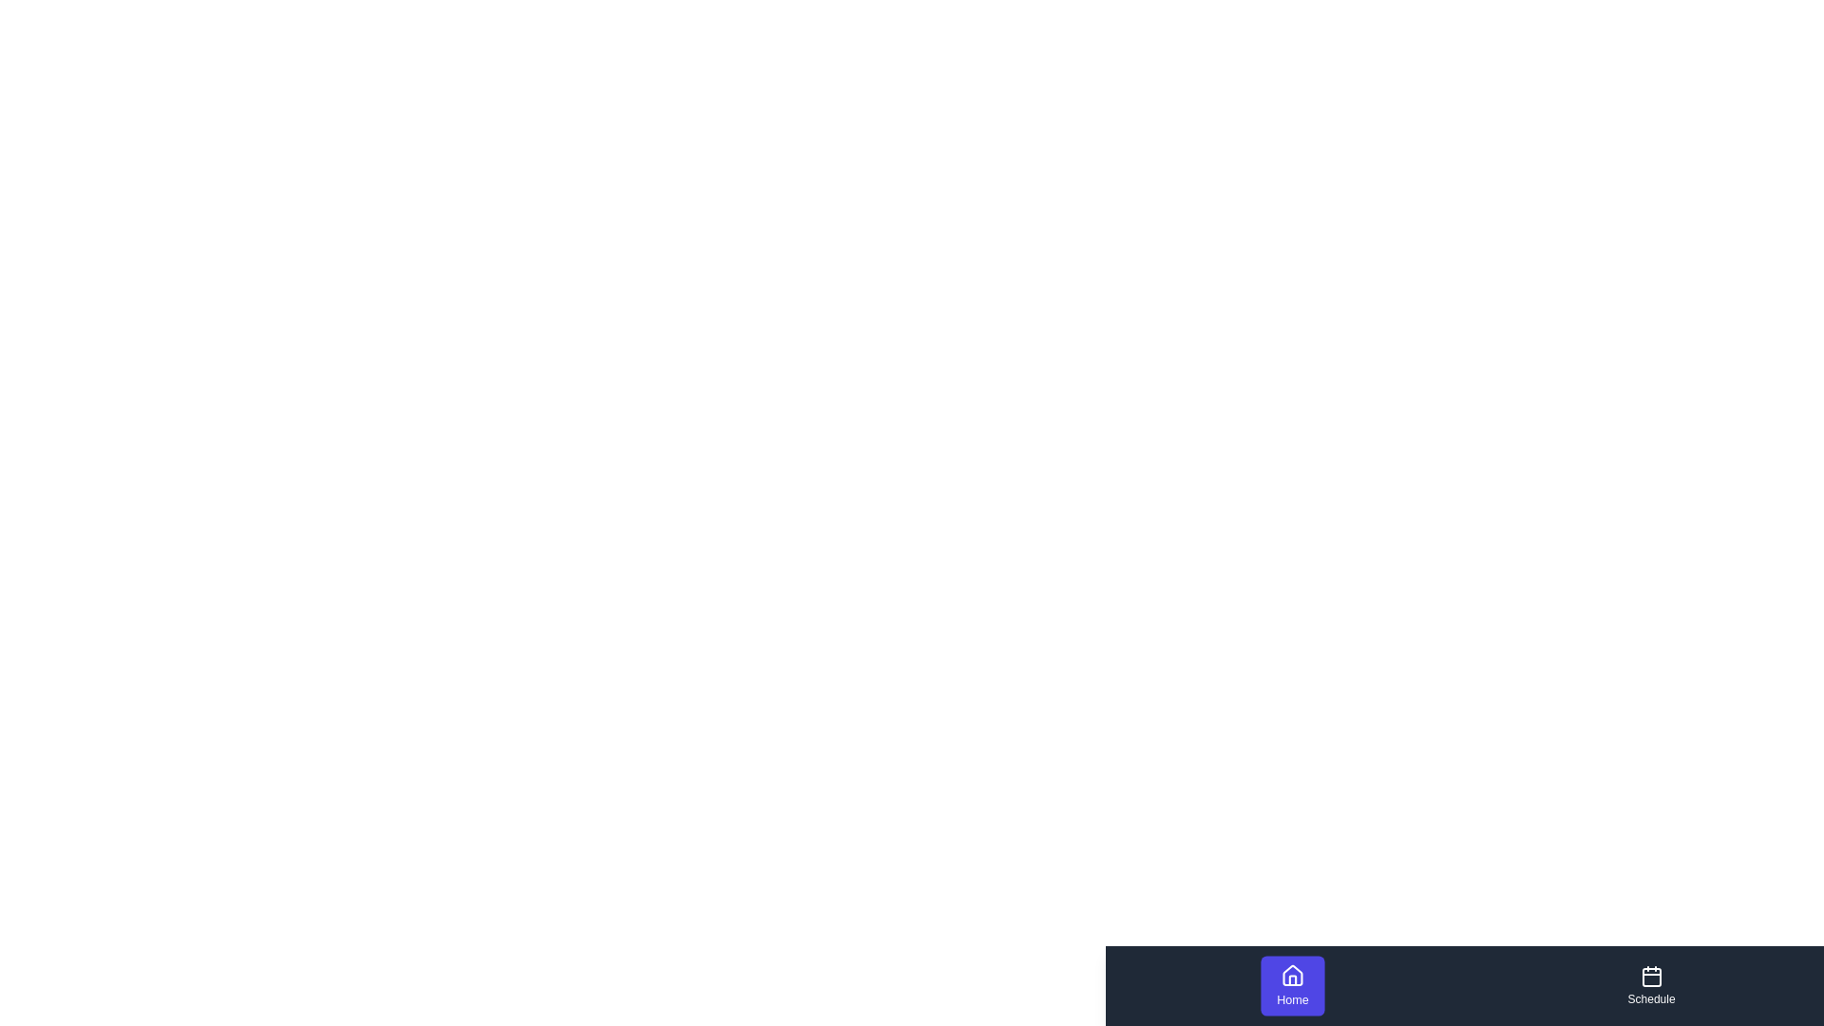  Describe the element at coordinates (1292, 984) in the screenshot. I see `the bottom navigation item for Home` at that location.